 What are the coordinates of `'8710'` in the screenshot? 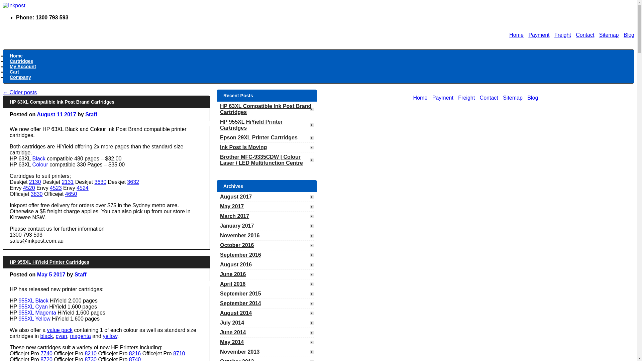 It's located at (179, 353).